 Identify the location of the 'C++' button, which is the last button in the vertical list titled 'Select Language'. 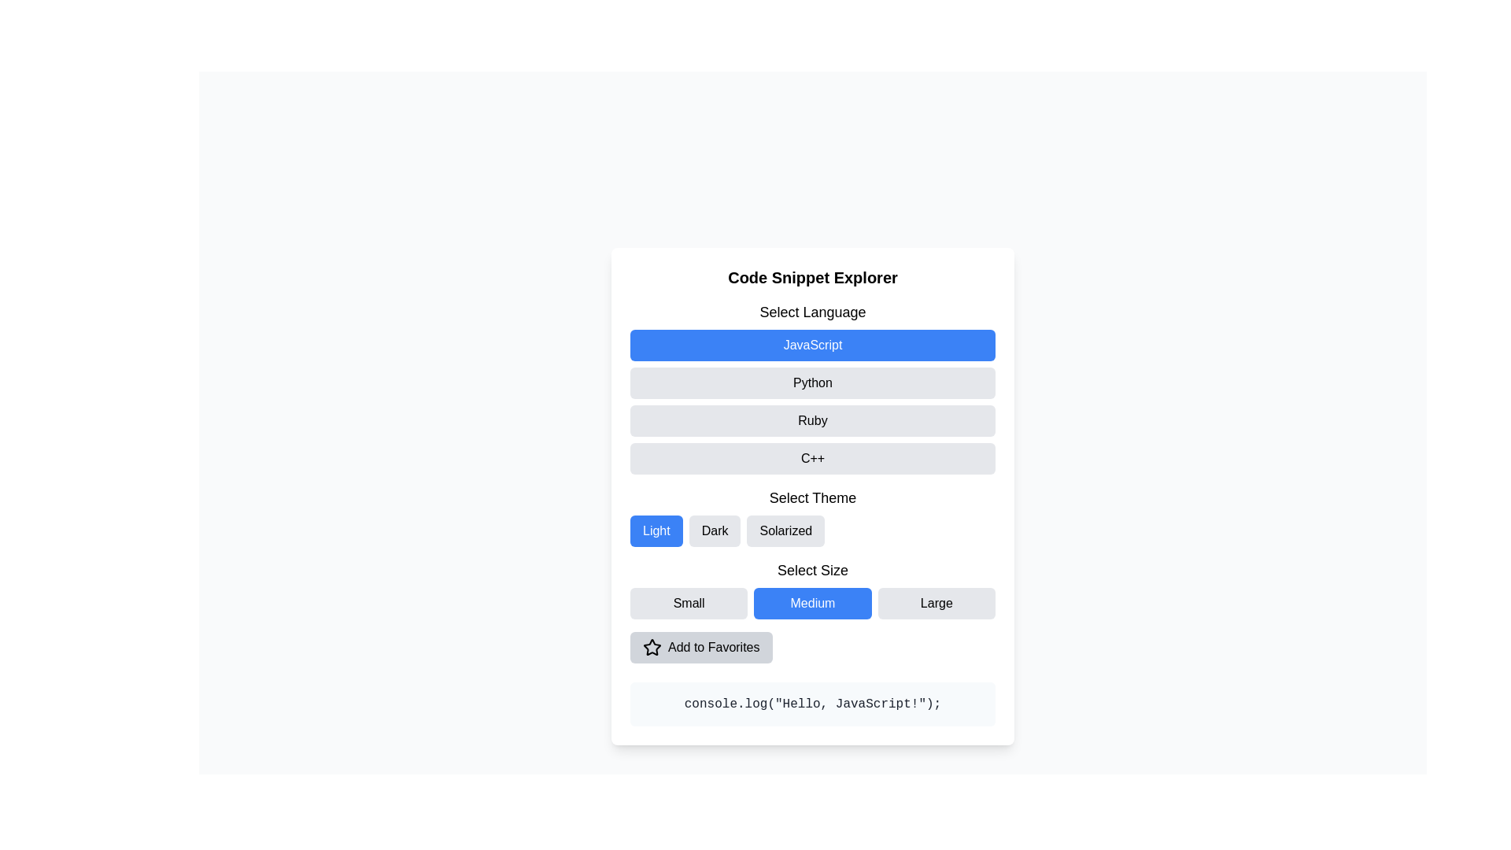
(812, 458).